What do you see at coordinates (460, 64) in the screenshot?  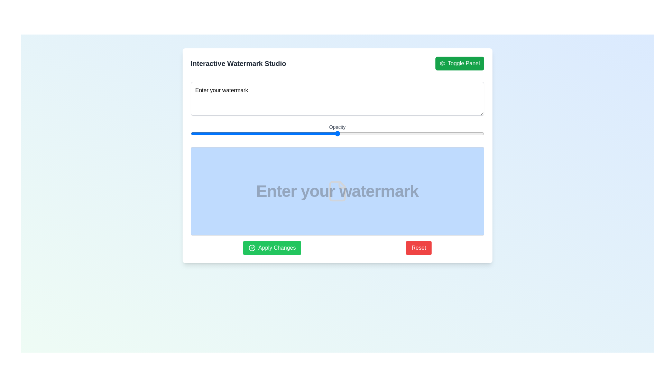 I see `the green button labeled 'Toggle Panel' with a gear icon` at bounding box center [460, 64].